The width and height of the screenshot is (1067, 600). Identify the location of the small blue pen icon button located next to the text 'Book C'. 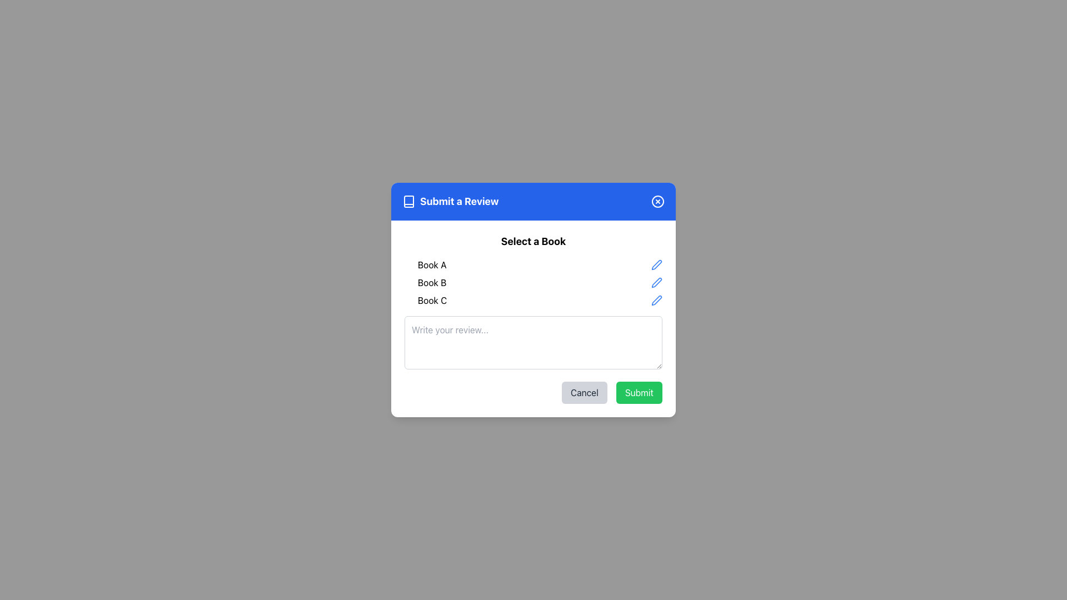
(656, 300).